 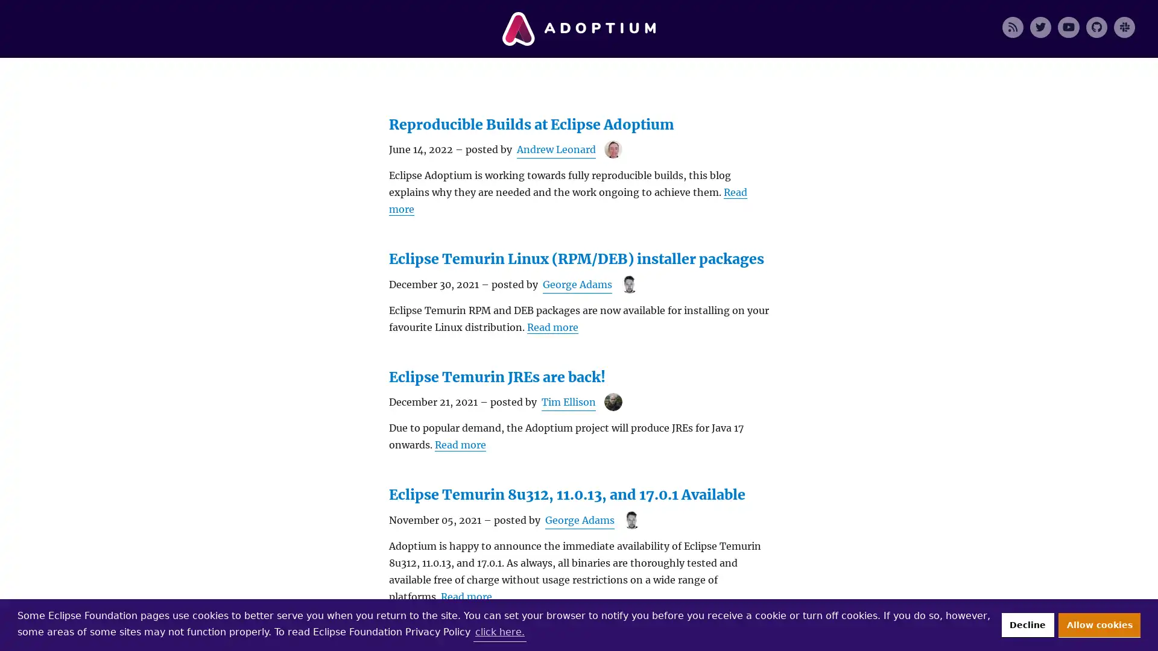 I want to click on deny cookies, so click(x=1027, y=624).